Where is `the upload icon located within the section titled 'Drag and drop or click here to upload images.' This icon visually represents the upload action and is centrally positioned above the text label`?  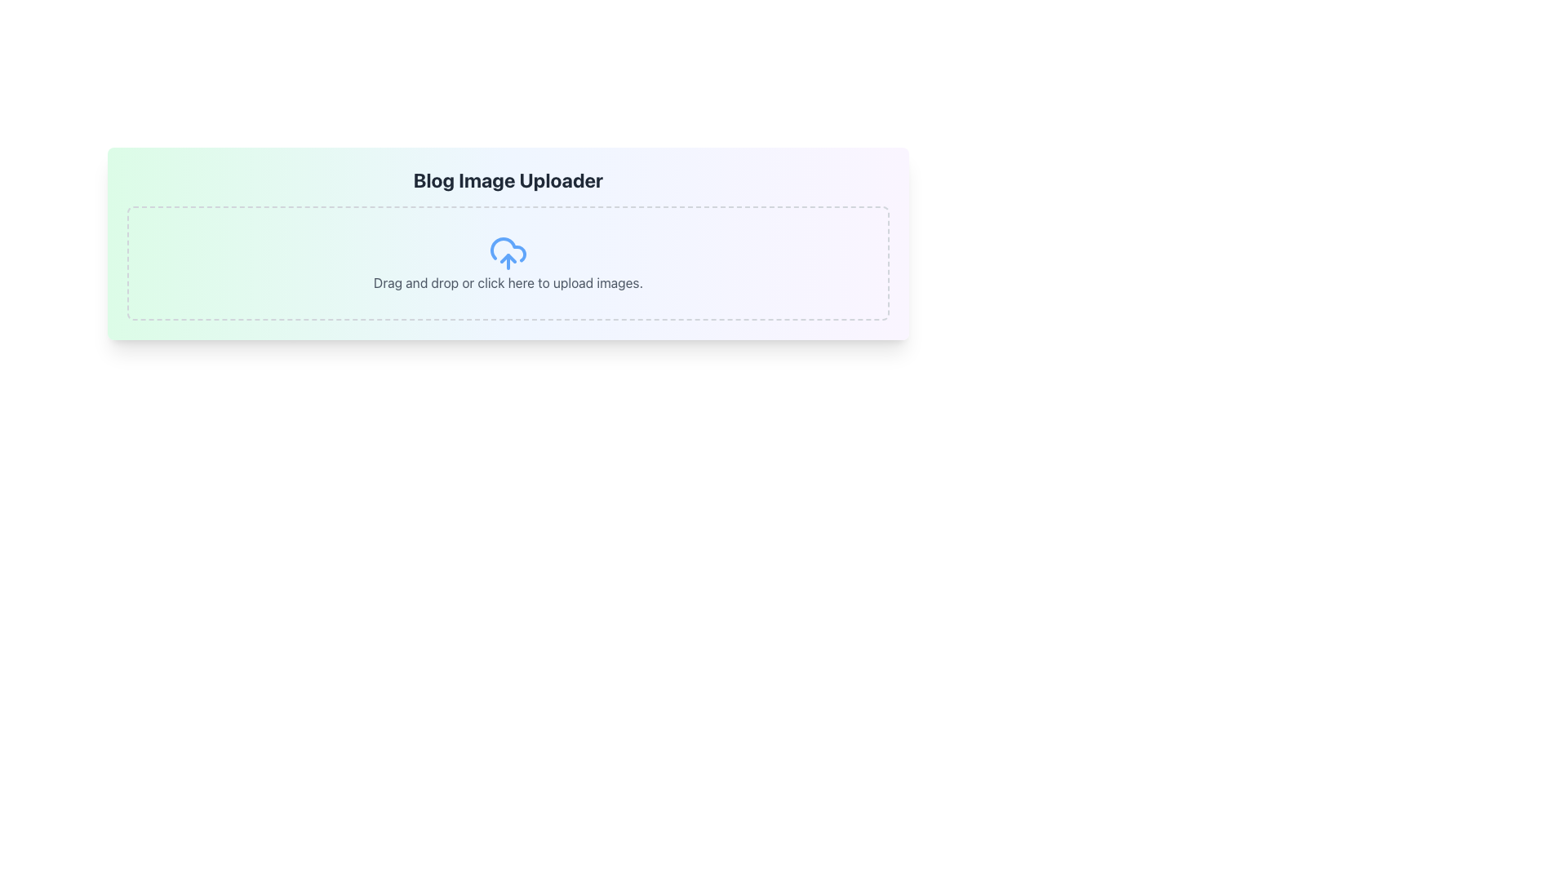 the upload icon located within the section titled 'Drag and drop or click here to upload images.' This icon visually represents the upload action and is centrally positioned above the text label is located at coordinates (508, 254).